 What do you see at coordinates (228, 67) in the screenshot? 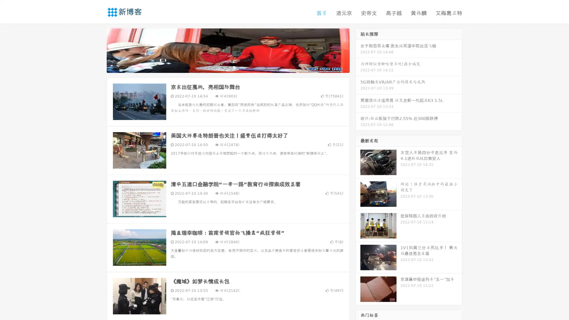
I see `Go to slide 2` at bounding box center [228, 67].